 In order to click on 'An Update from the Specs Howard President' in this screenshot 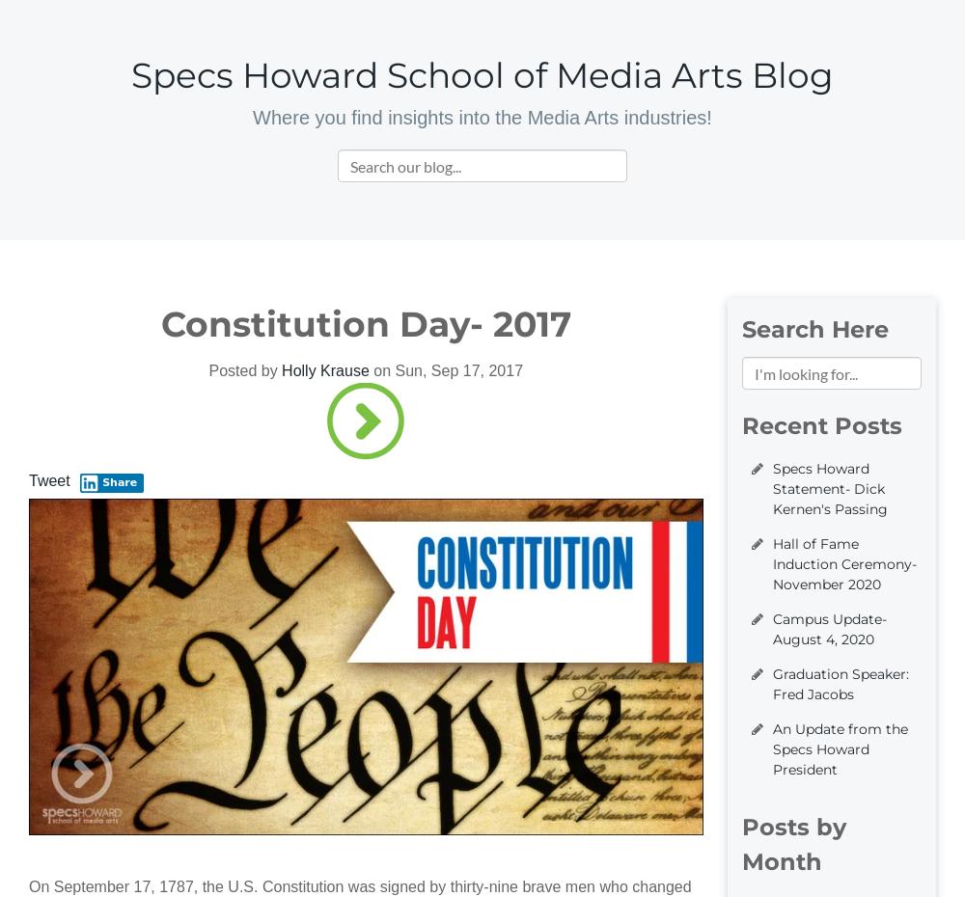, I will do `click(840, 748)`.